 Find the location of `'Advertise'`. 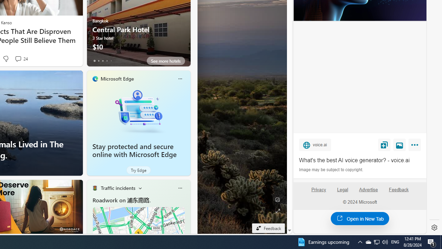

'Advertise' is located at coordinates (368, 190).